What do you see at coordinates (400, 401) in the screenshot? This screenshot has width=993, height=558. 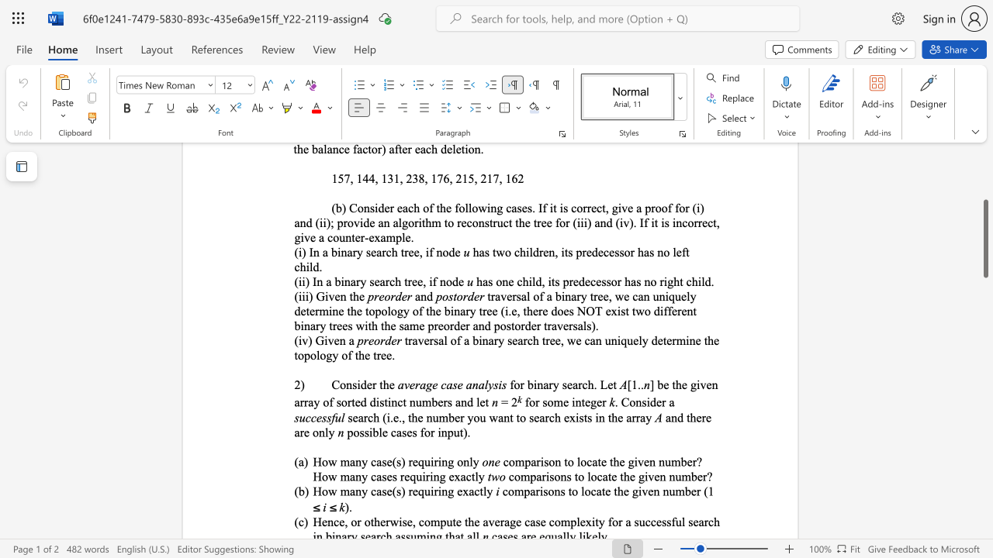 I see `the 1th character "c" in the text` at bounding box center [400, 401].